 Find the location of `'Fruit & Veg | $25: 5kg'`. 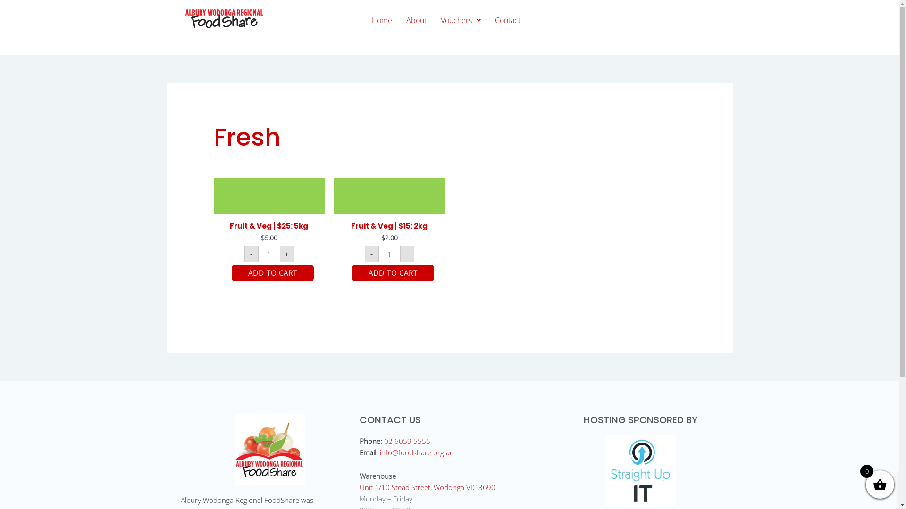

'Fruit & Veg | $25: 5kg' is located at coordinates (268, 228).